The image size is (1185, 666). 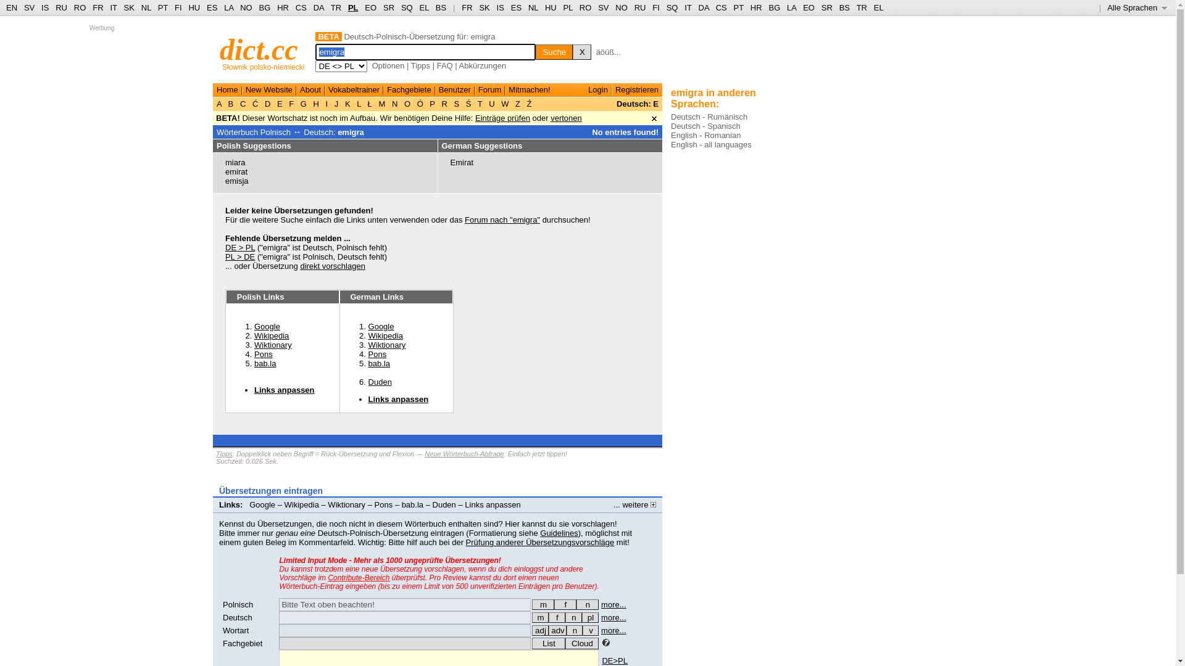 I want to click on 'B', so click(x=231, y=103).